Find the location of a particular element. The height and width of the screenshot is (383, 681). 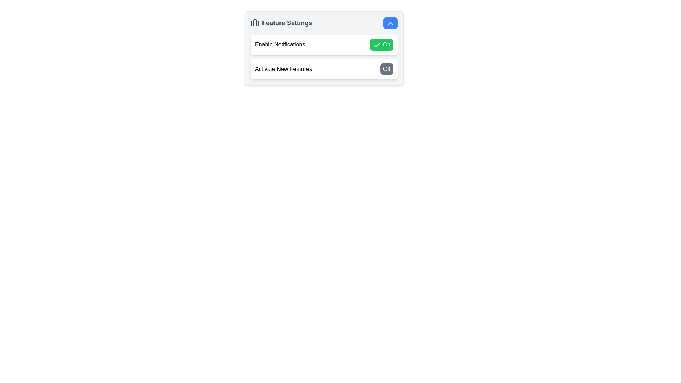

the button with a chevron arrow icon located in the top-right corner of the 'Feature Settings' card is located at coordinates (390, 23).